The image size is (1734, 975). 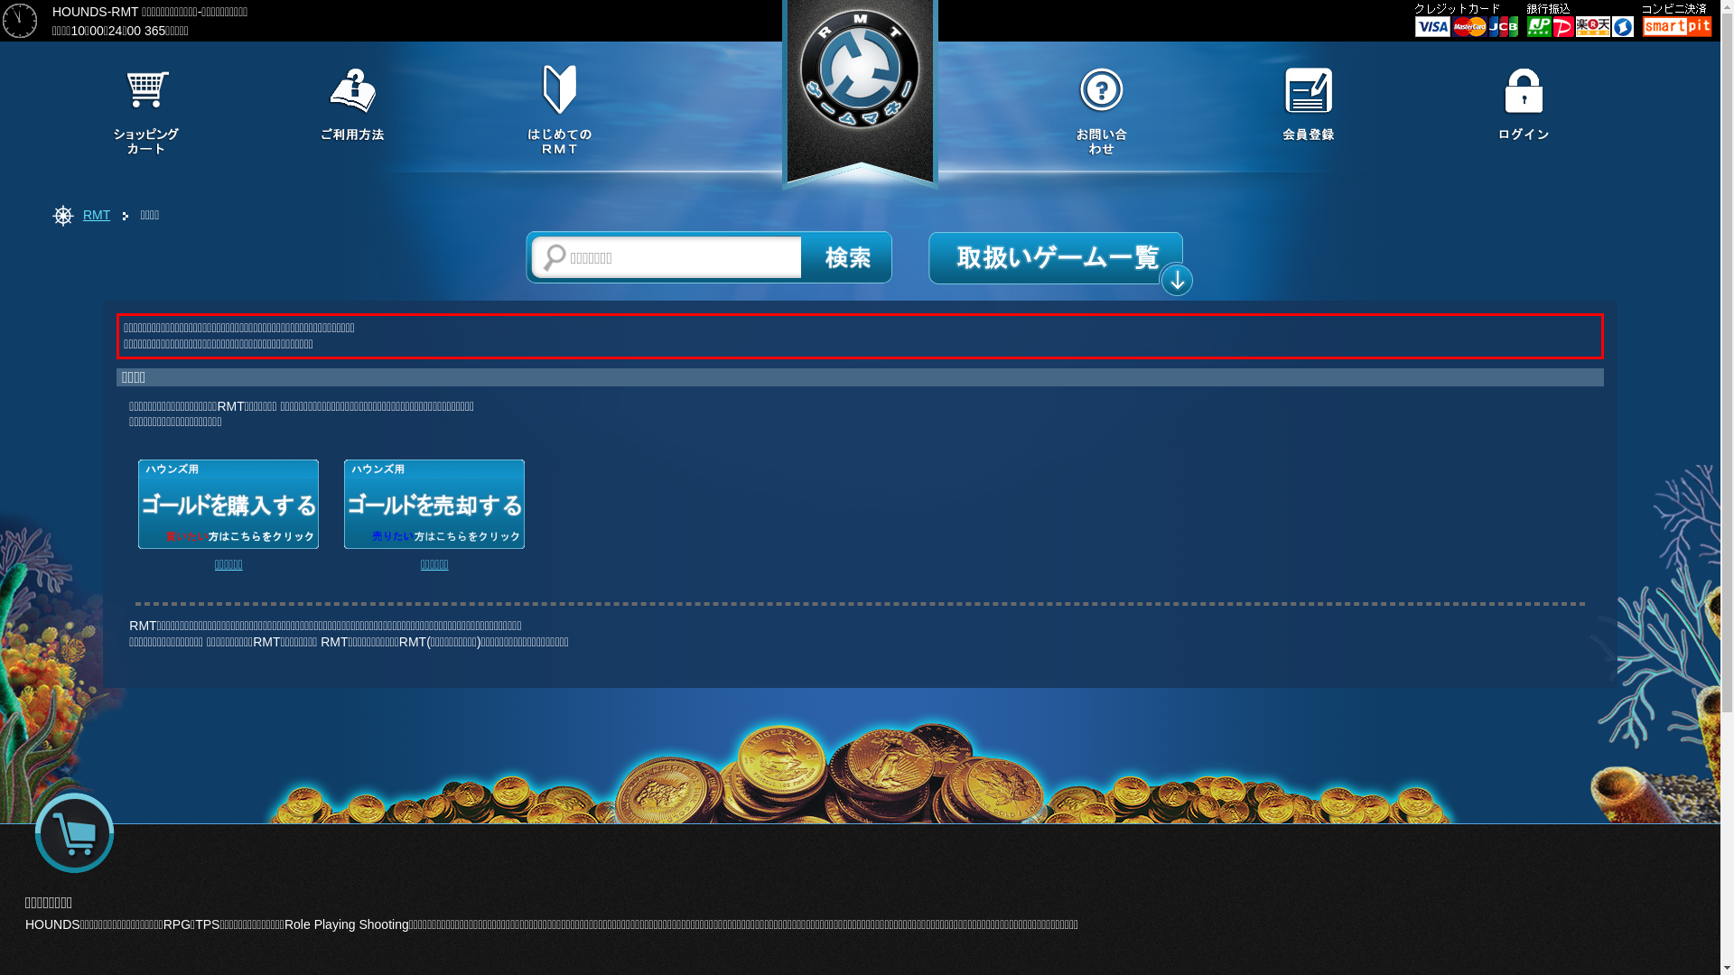 I want to click on 'RMT', so click(x=95, y=214).